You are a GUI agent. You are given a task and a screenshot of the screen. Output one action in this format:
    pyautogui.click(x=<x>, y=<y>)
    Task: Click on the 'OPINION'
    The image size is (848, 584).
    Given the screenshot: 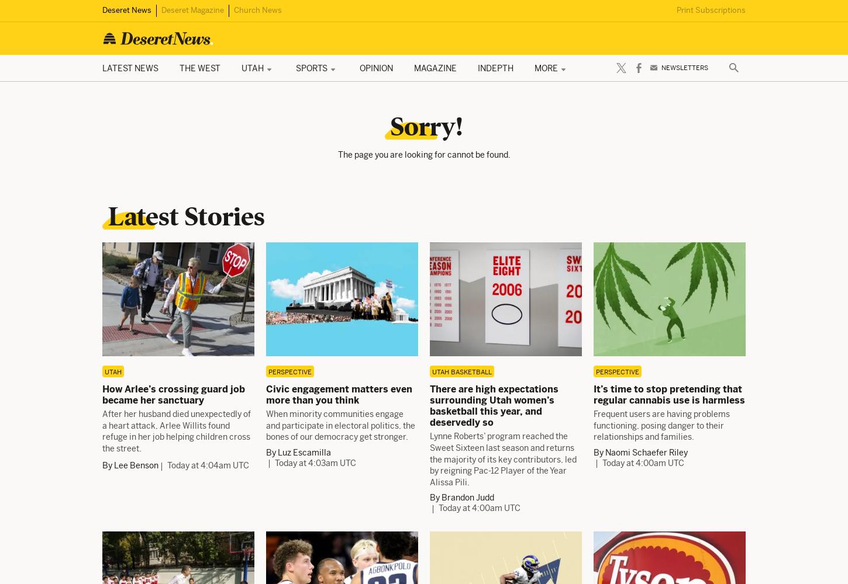 What is the action you would take?
    pyautogui.click(x=358, y=67)
    